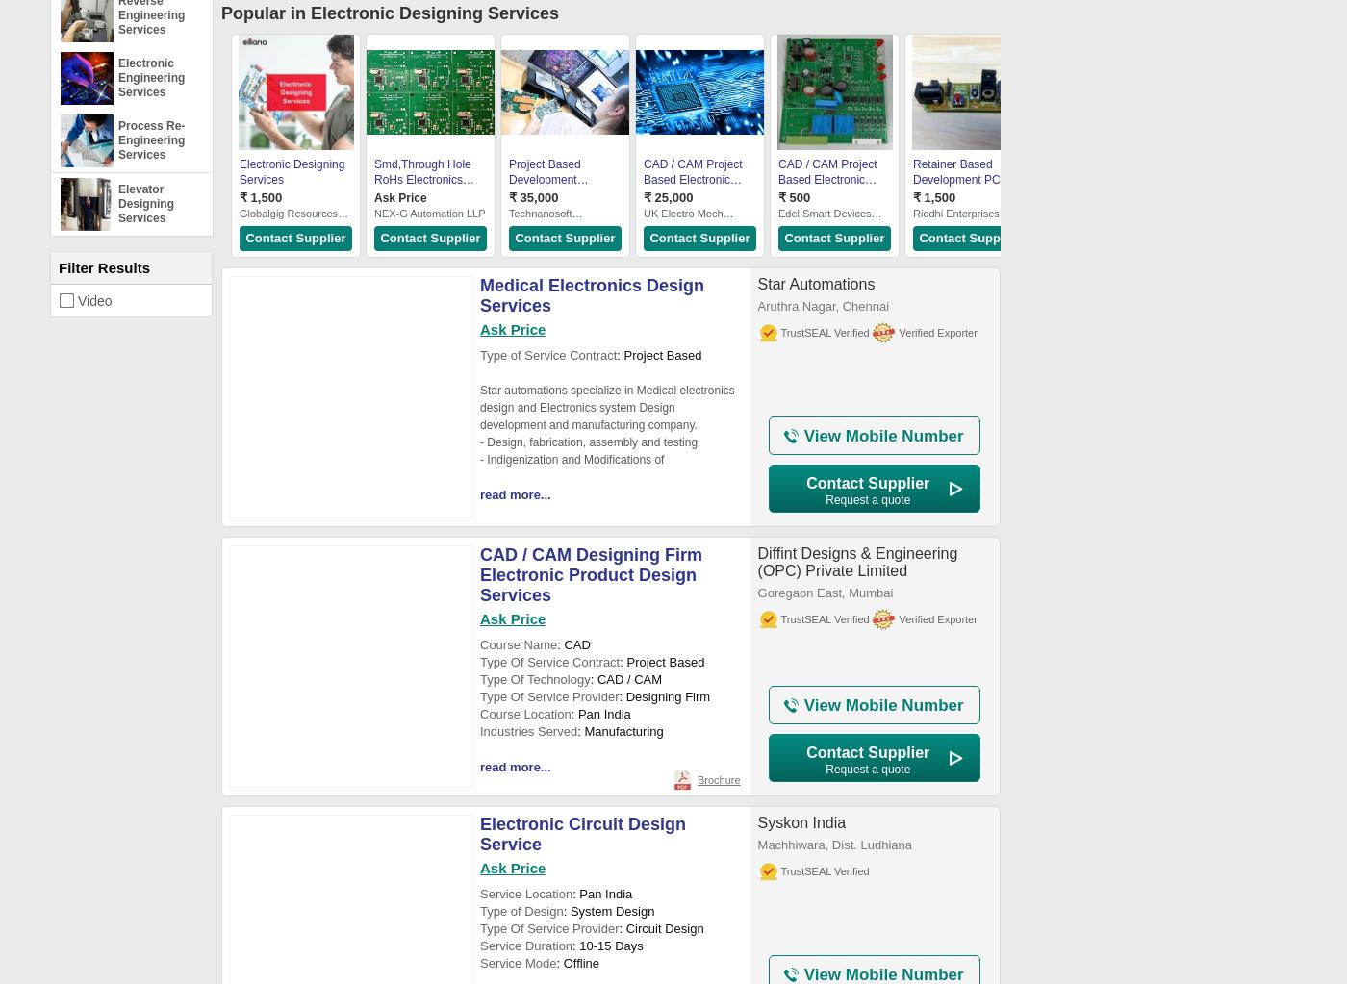  What do you see at coordinates (1048, 187) in the screenshot?
I see `'Designing Firm Retainer Based Electronic Power Circuit Design Service'` at bounding box center [1048, 187].